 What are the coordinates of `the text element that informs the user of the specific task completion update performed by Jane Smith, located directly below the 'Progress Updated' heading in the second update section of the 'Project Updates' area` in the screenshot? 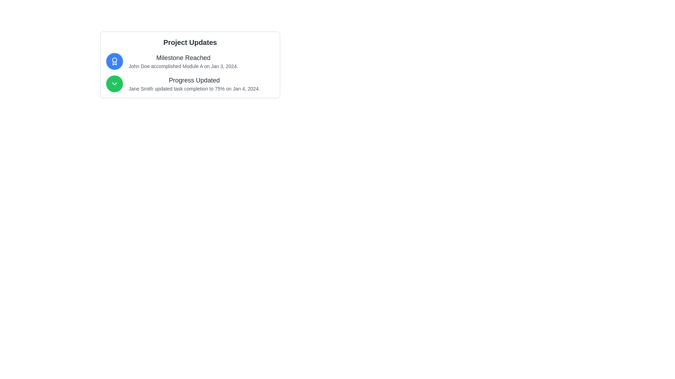 It's located at (194, 88).